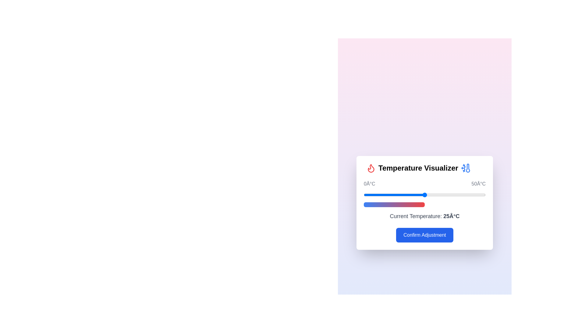  Describe the element at coordinates (427, 195) in the screenshot. I see `the temperature slider to 26°C to observe the visual feedback` at that location.